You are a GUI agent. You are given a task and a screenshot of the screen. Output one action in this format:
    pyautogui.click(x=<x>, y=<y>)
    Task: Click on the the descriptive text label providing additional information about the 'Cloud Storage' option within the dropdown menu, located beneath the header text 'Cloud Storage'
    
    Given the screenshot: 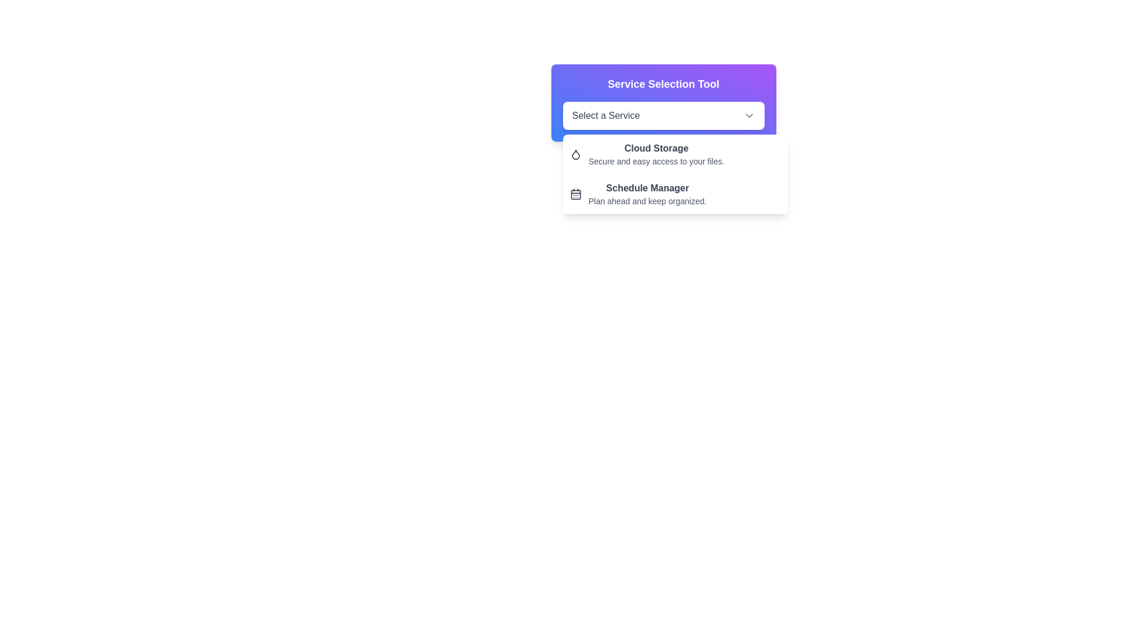 What is the action you would take?
    pyautogui.click(x=656, y=162)
    